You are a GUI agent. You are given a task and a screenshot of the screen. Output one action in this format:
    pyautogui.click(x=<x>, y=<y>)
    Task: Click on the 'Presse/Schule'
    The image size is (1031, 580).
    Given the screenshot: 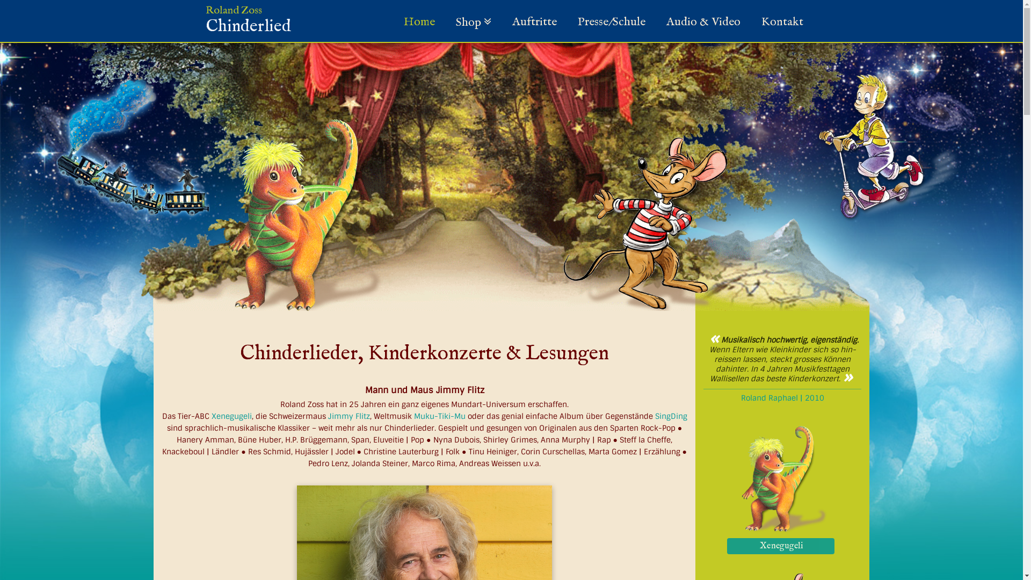 What is the action you would take?
    pyautogui.click(x=611, y=22)
    